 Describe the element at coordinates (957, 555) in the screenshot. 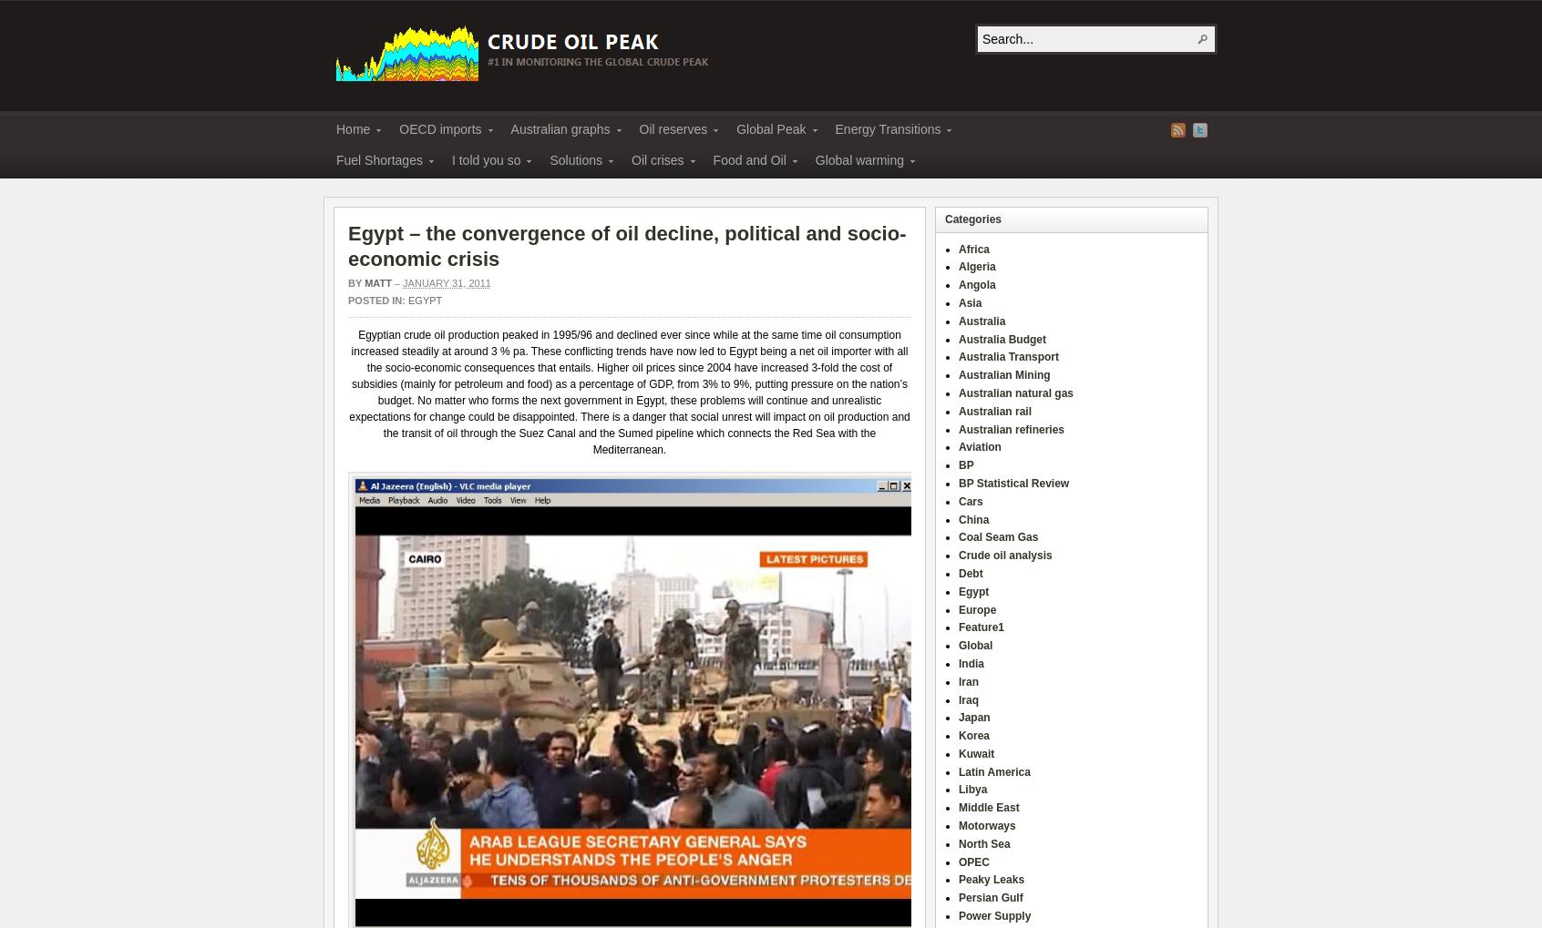

I see `'Crude oil analysis'` at that location.